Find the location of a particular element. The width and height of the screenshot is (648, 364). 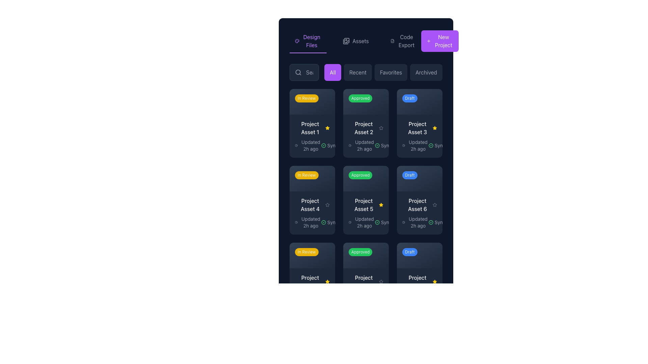

text 'Project Asset 6' which is the heading of the last card in the third column of the project asset grid is located at coordinates (417, 204).